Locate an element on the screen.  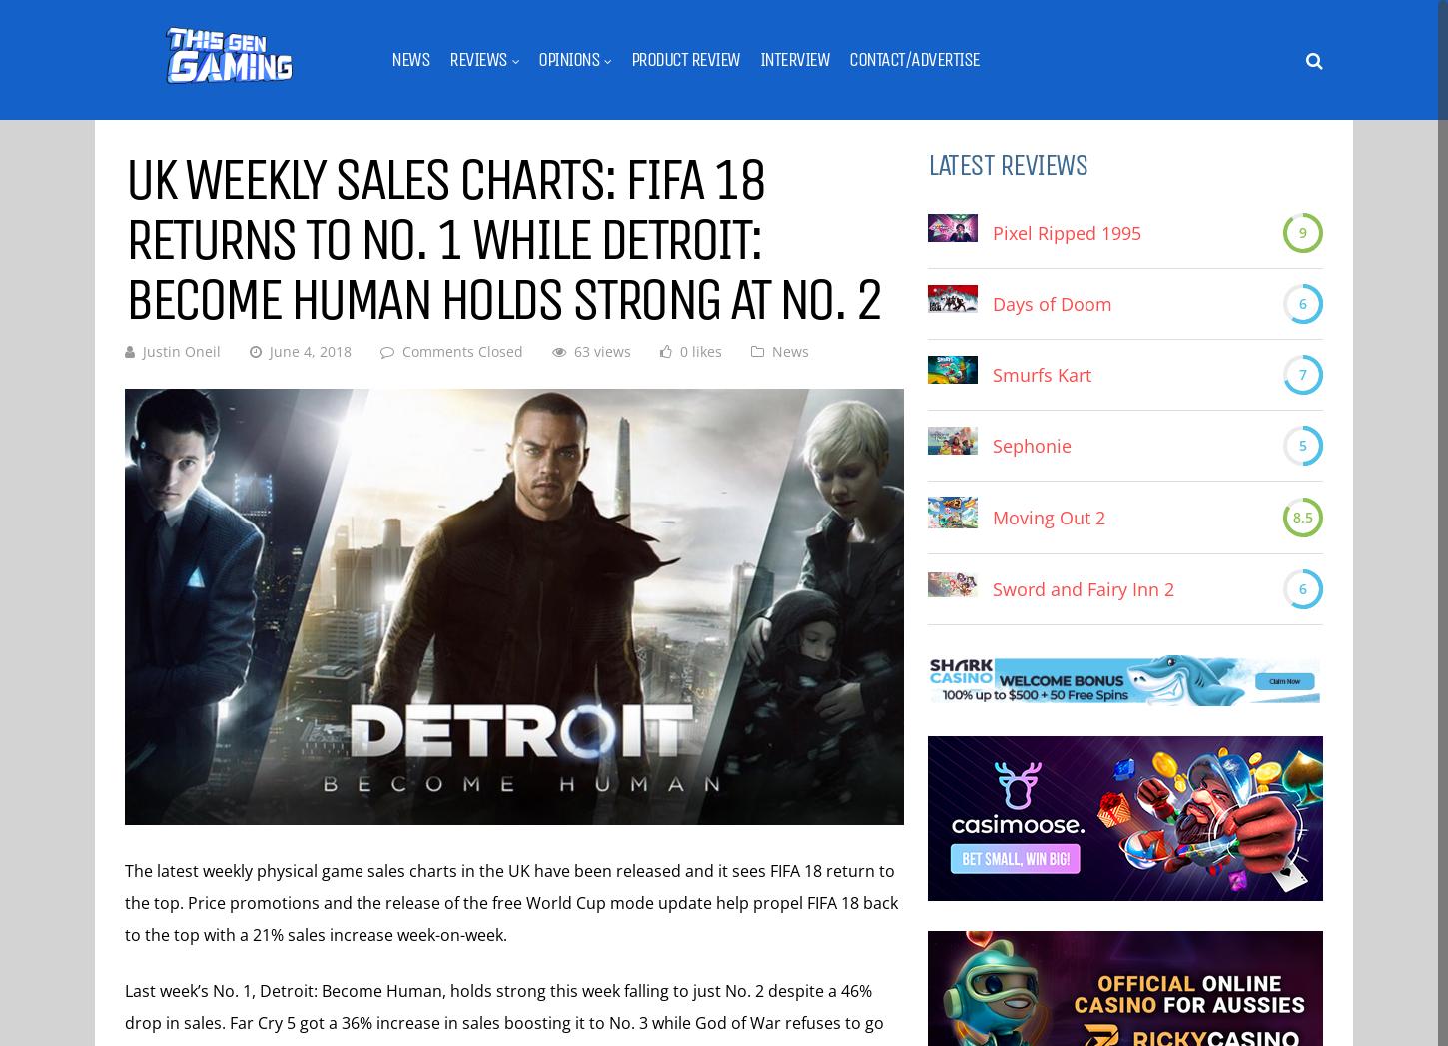
'Opinions' is located at coordinates (568, 59).